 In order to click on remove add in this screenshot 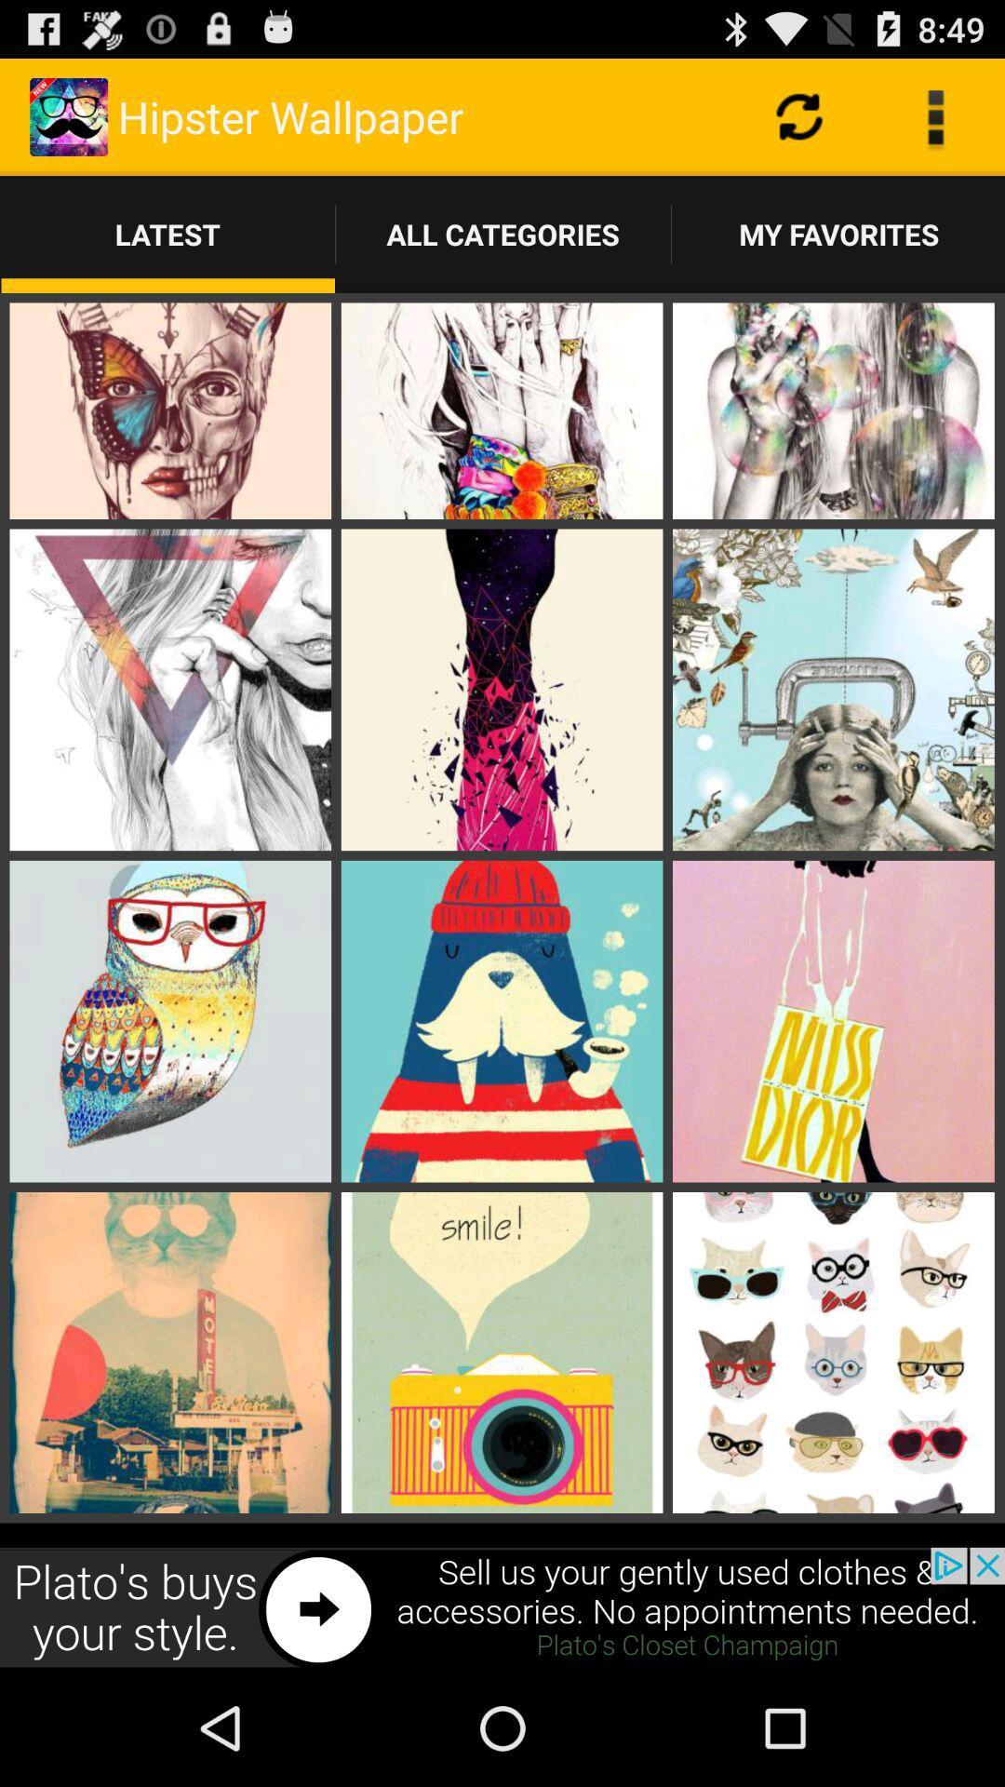, I will do `click(502, 1607)`.